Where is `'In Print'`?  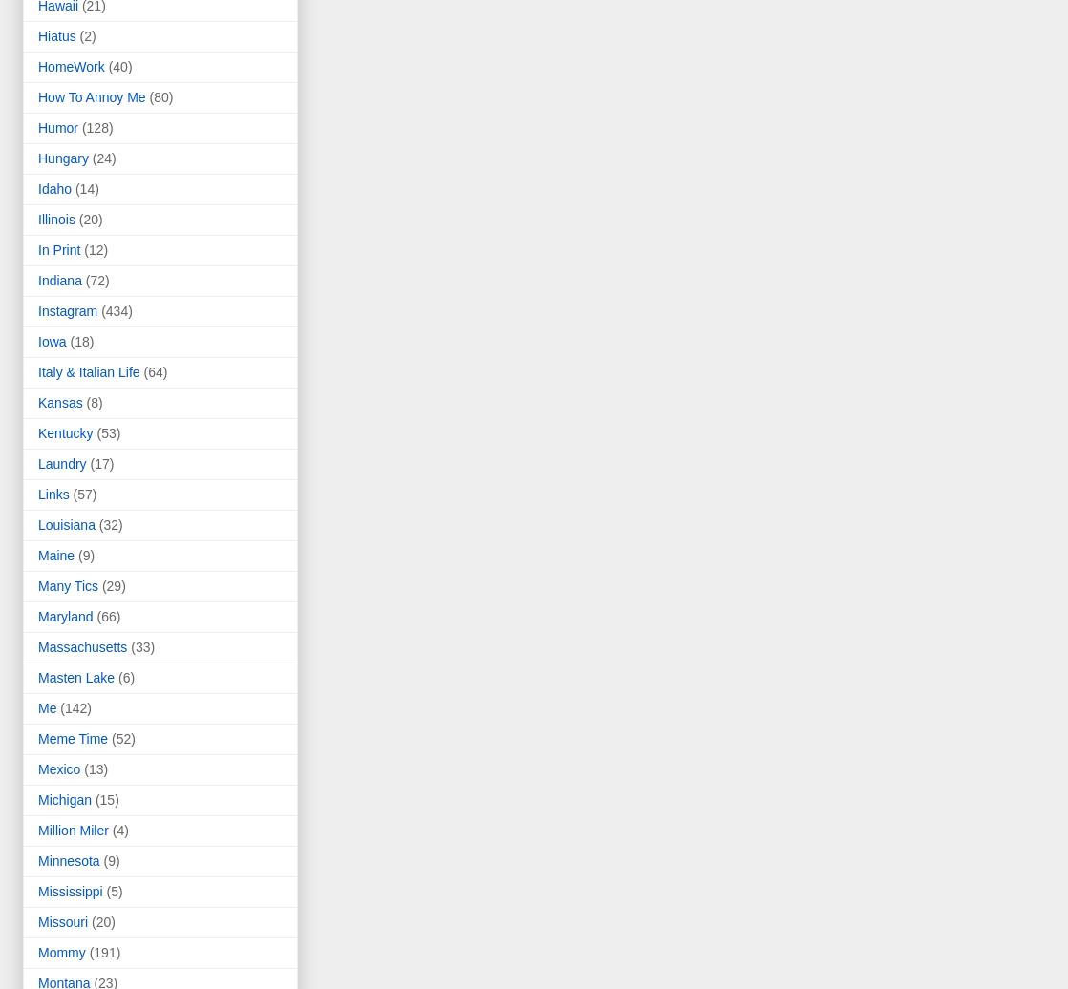 'In Print' is located at coordinates (59, 250).